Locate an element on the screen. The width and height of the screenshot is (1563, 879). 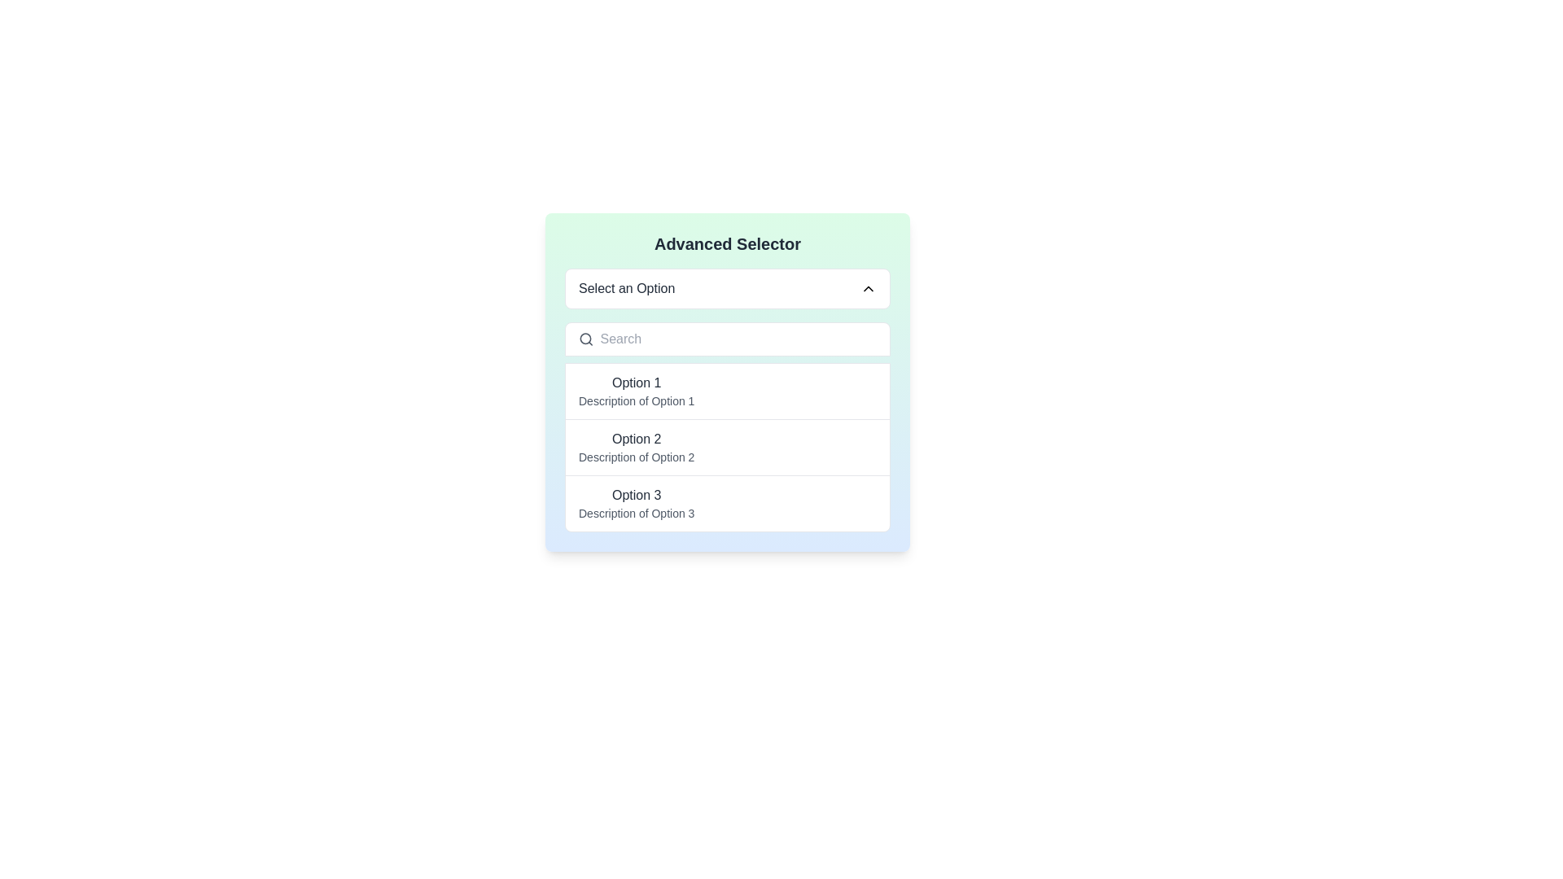
the text label displaying 'Description of Option 1', which is located directly underneath the main label 'Option 1' in the dropdown menu is located at coordinates (636, 401).